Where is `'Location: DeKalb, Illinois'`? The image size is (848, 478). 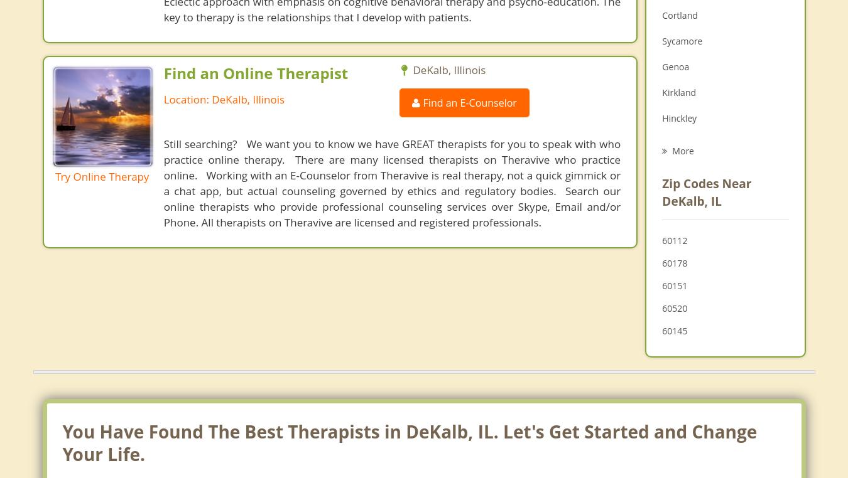
'Location: DeKalb, Illinois' is located at coordinates (224, 98).